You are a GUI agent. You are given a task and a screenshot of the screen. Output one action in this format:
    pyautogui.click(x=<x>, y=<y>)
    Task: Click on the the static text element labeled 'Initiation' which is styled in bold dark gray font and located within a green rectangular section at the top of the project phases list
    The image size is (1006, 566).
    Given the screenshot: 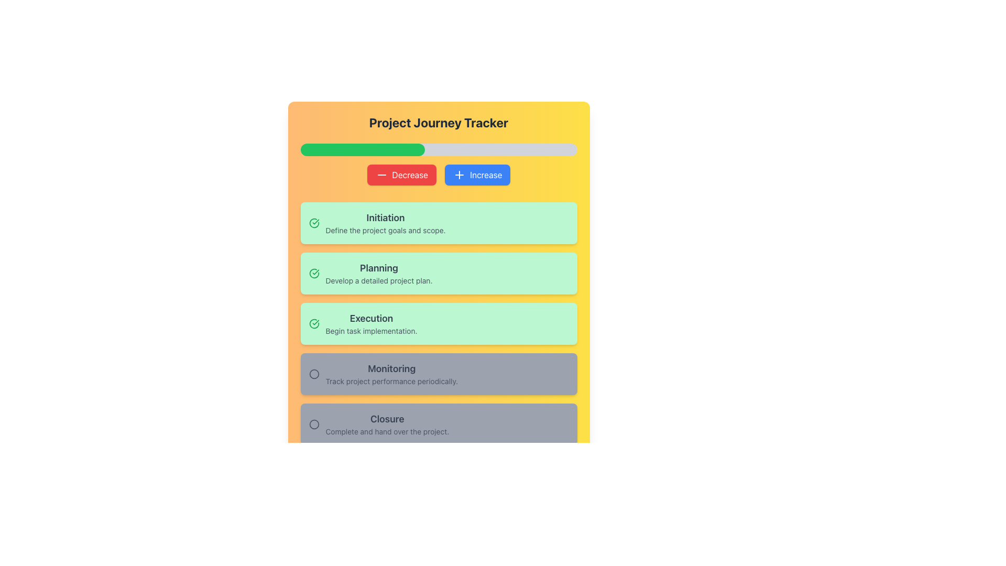 What is the action you would take?
    pyautogui.click(x=385, y=217)
    